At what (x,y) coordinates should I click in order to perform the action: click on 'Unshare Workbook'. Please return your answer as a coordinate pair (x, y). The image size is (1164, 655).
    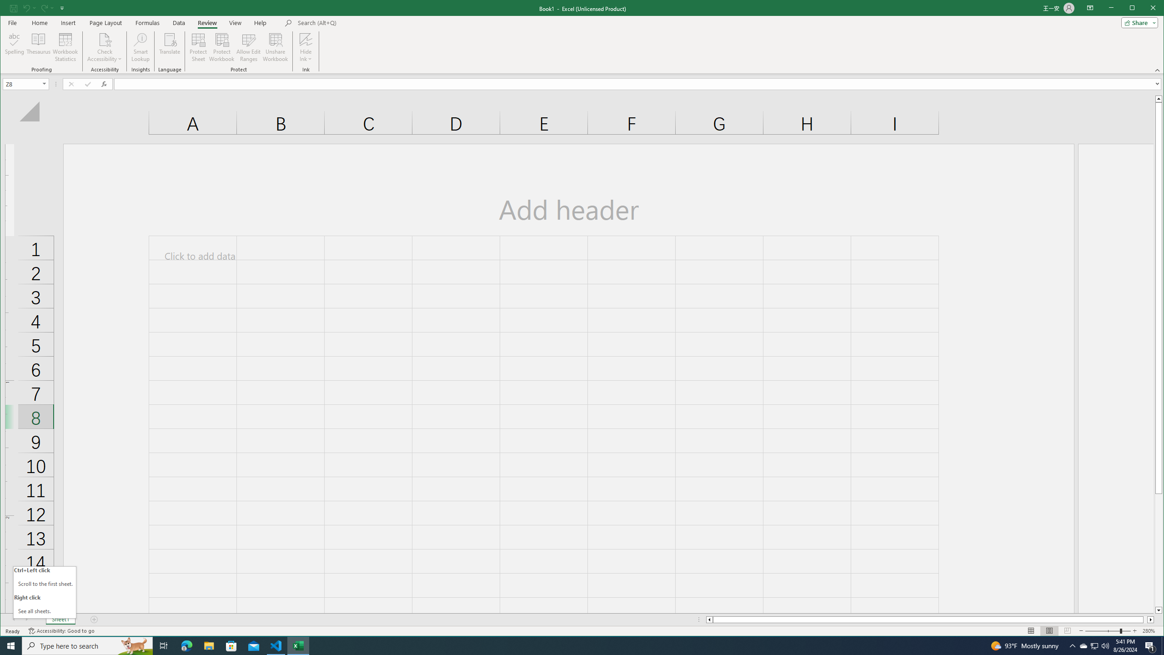
    Looking at the image, I should click on (275, 47).